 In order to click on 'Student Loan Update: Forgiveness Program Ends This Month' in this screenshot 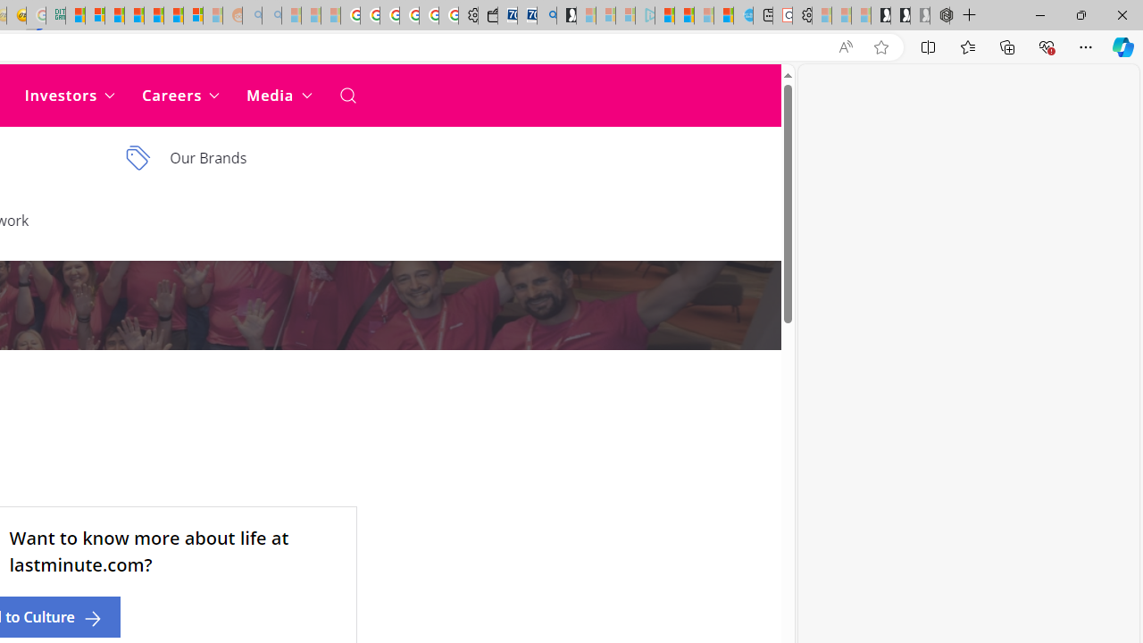, I will do `click(133, 15)`.